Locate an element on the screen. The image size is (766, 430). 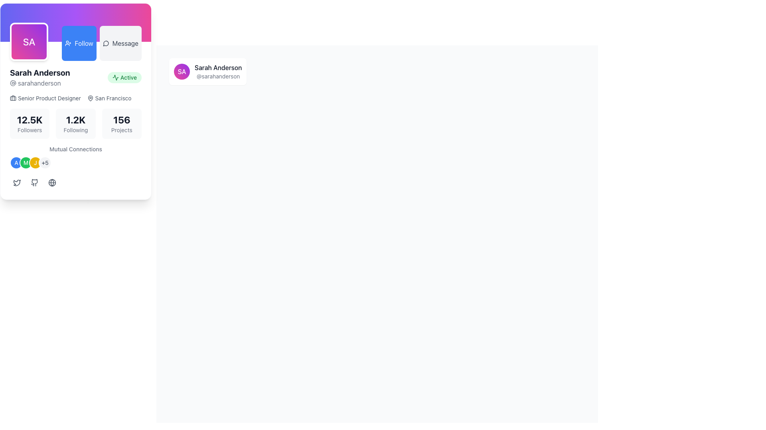
the leftmost button with an embedded icon that redirects to the Twitter profile, changing its appearance is located at coordinates (17, 183).